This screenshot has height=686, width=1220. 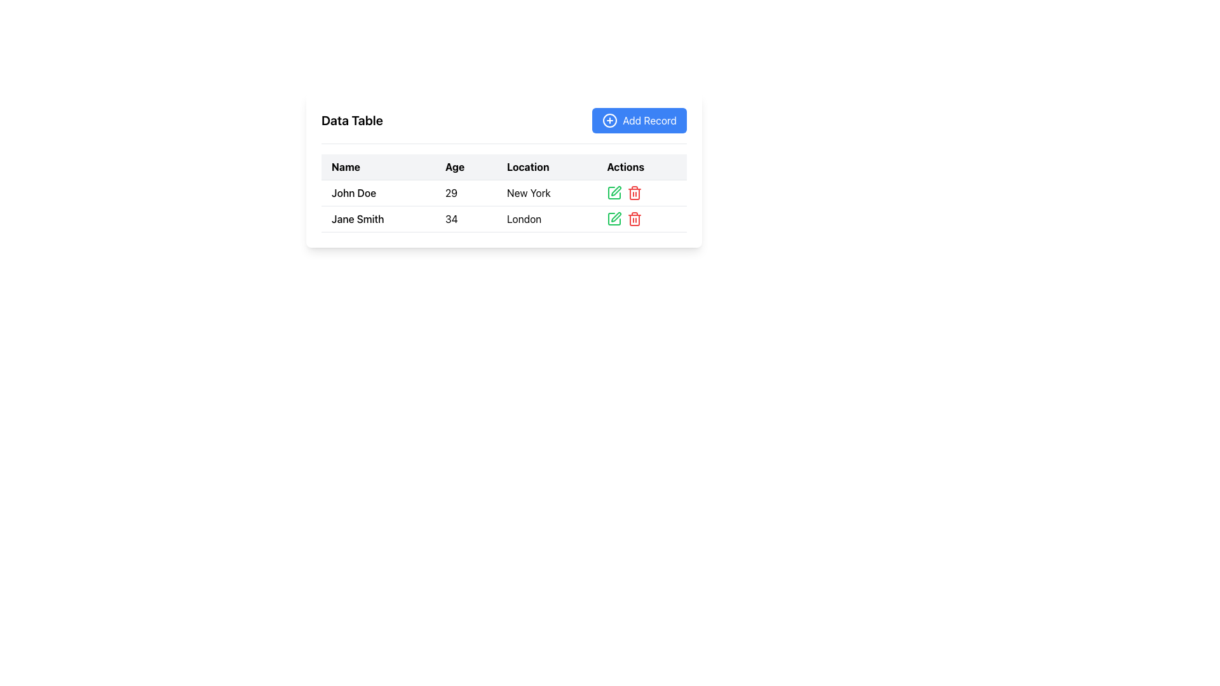 I want to click on the edit button for 'Jane Smith' located in the 'Actions' column of the second row in the data table for keyboard navigation, so click(x=614, y=218).